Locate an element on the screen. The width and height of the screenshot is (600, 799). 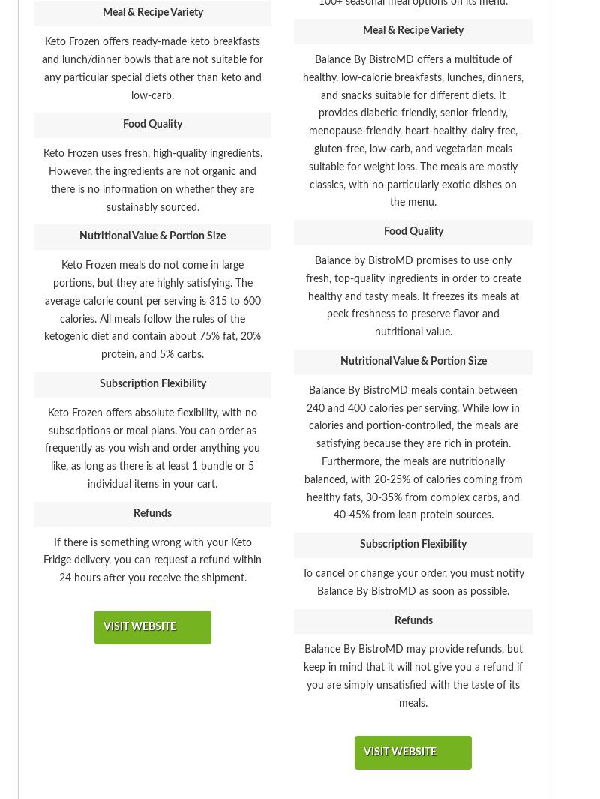
'Balance by BistroMD promises to use only fresh, top-quality ingredients in order to create healthy and tasty meals. It freezes its meals at peek freshness to preserve flavor and nutritional value.' is located at coordinates (305, 296).